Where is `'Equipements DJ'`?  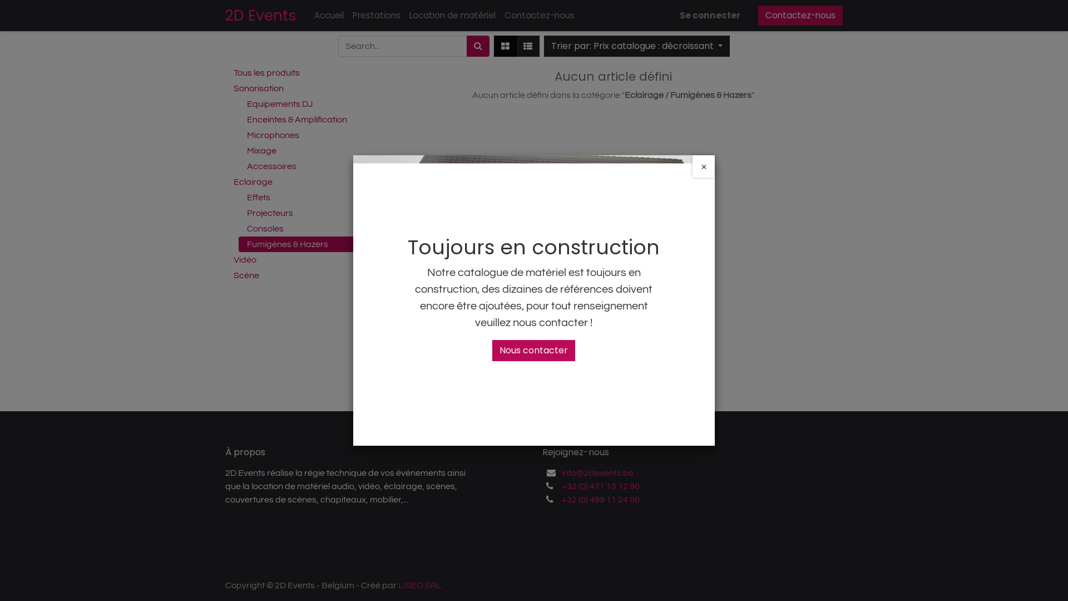
'Equipements DJ' is located at coordinates (303, 104).